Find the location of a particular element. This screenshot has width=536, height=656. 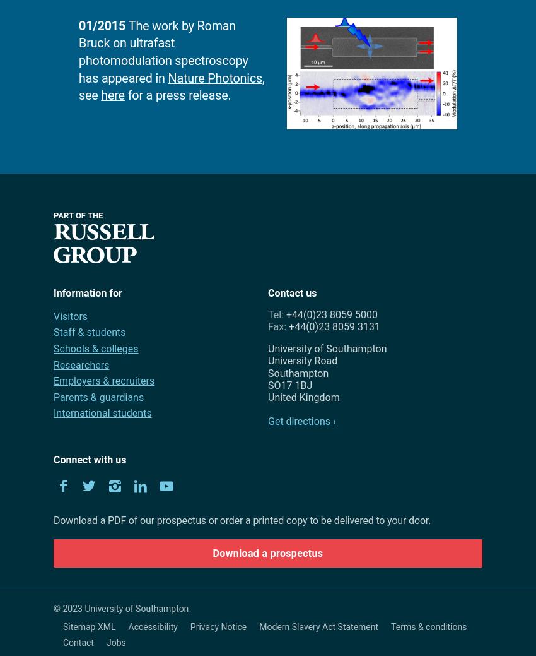

'Information for' is located at coordinates (87, 292).